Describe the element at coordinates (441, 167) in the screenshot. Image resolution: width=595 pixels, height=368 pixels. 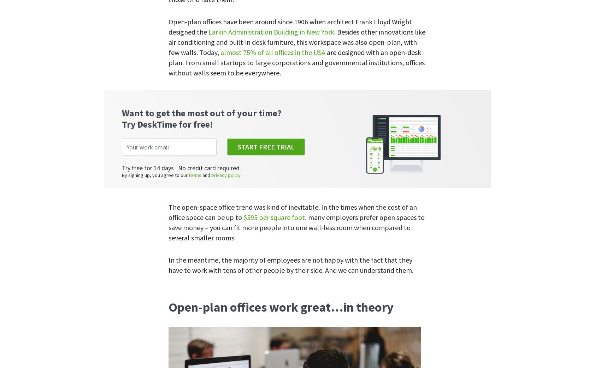
I see `'Schedule a call'` at that location.